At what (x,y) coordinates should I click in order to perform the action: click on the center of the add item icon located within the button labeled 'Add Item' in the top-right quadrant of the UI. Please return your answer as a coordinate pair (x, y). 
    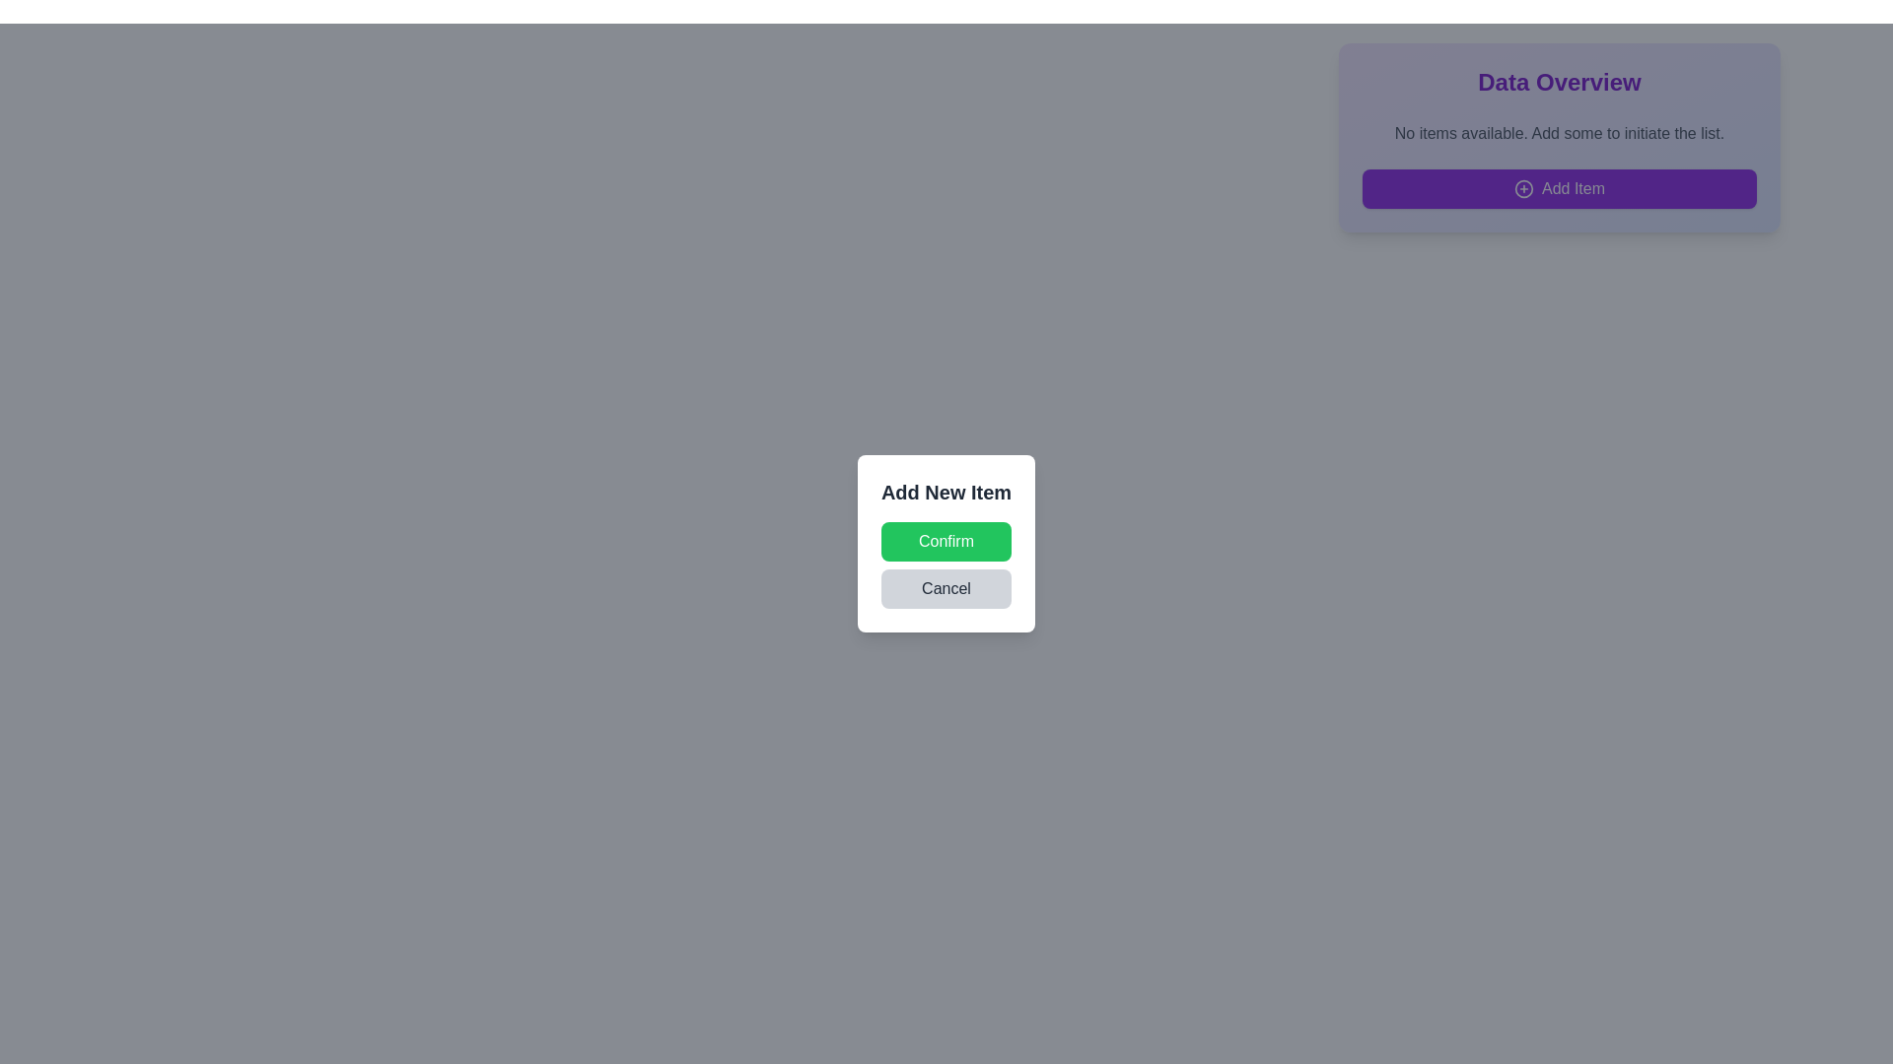
    Looking at the image, I should click on (1522, 189).